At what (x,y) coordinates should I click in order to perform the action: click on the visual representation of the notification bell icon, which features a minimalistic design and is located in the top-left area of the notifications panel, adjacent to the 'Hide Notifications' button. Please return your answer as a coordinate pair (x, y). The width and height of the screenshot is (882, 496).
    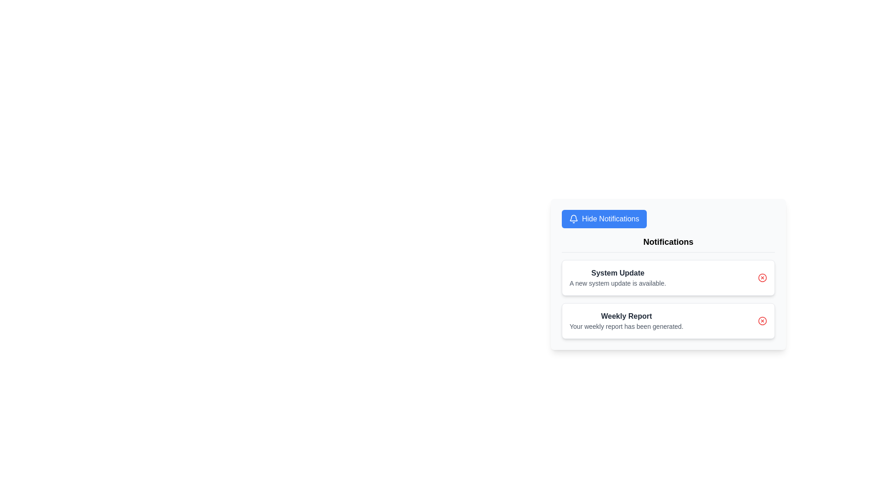
    Looking at the image, I should click on (573, 218).